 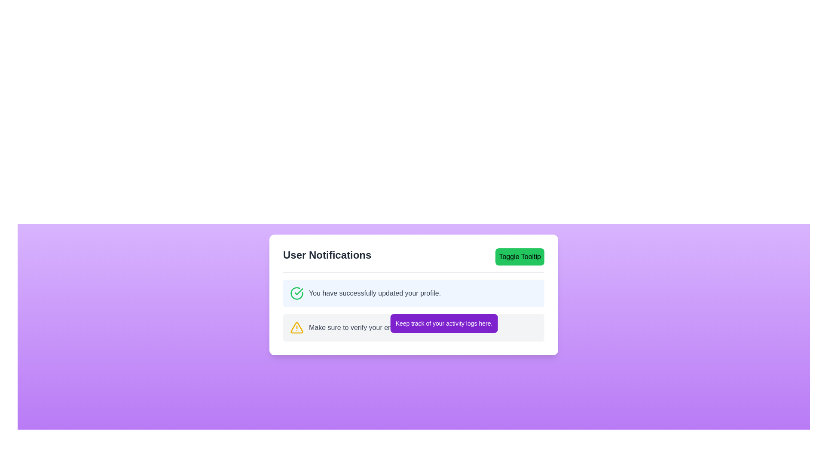 I want to click on the green checkmark icon located on the left side of the text 'You have successfully updated your profile.' in the notification card, so click(x=299, y=291).